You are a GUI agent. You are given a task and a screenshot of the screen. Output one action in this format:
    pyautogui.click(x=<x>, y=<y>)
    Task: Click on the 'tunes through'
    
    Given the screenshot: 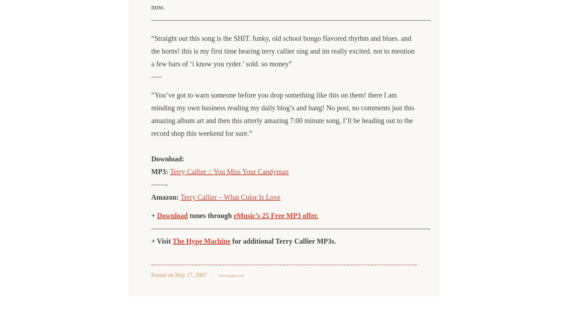 What is the action you would take?
    pyautogui.click(x=209, y=215)
    